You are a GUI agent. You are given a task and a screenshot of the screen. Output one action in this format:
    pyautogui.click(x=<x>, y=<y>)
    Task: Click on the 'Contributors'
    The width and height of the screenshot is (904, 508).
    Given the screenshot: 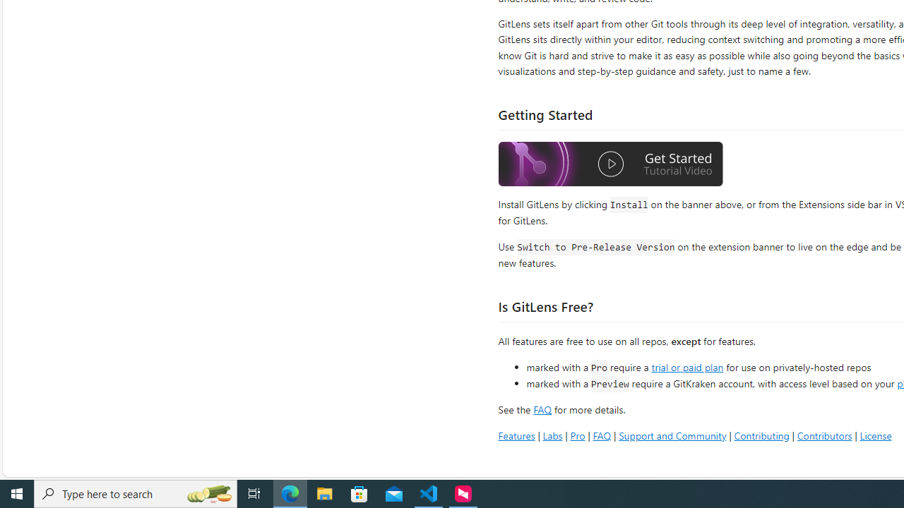 What is the action you would take?
    pyautogui.click(x=824, y=435)
    